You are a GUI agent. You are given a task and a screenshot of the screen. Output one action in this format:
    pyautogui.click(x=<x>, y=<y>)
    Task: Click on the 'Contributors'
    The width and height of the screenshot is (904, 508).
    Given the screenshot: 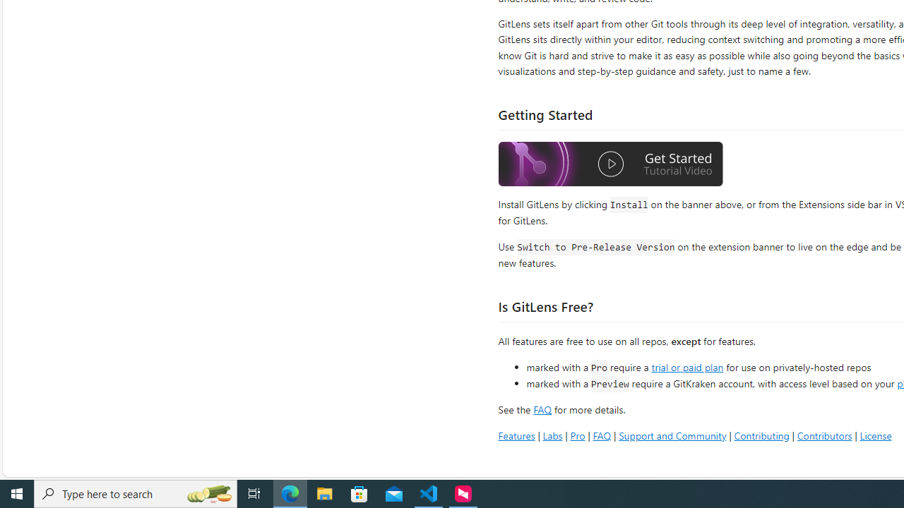 What is the action you would take?
    pyautogui.click(x=824, y=435)
    